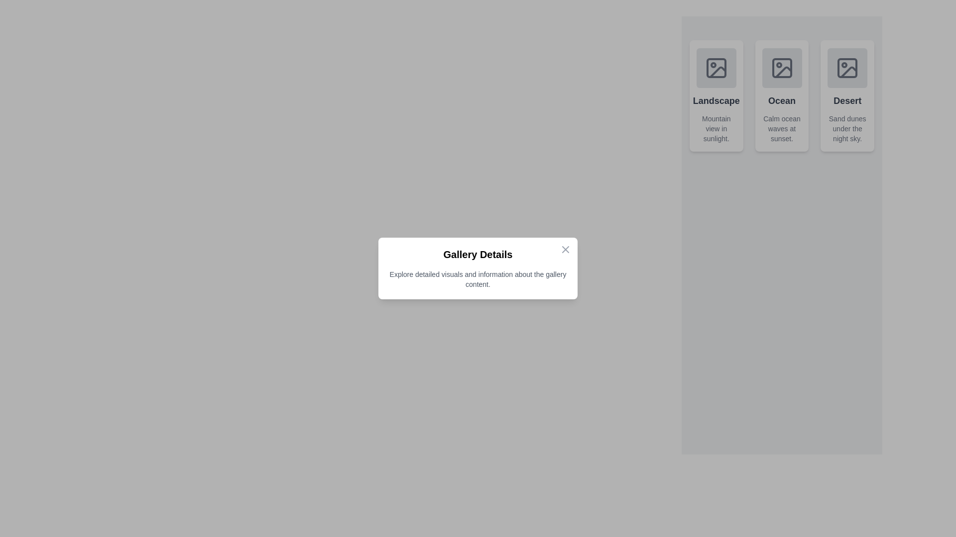 The image size is (956, 537). Describe the element at coordinates (847, 95) in the screenshot. I see `the 'Desert' card element, which features an icon, a title labeled 'Desert', and descriptive text 'Sand dunes under the night sky.' This card is the third item in a grid layout` at that location.